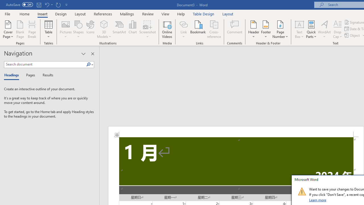 The image size is (364, 205). I want to click on 'Pictures', so click(66, 29).